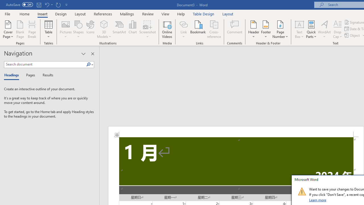 The image size is (364, 205). I want to click on 'Pictures', so click(66, 29).